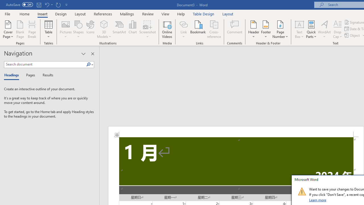 The image size is (364, 205). I want to click on 'Pictures', so click(66, 29).